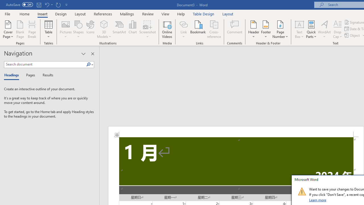 The image size is (364, 205). I want to click on 'Pictures', so click(66, 29).